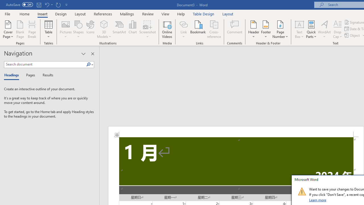 The image size is (364, 205). I want to click on 'Pictures', so click(66, 29).